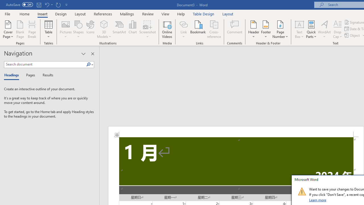 The image size is (364, 205). I want to click on 'Pictures', so click(66, 29).